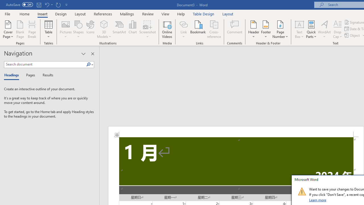 The image size is (364, 205). I want to click on 'Pictures', so click(66, 29).